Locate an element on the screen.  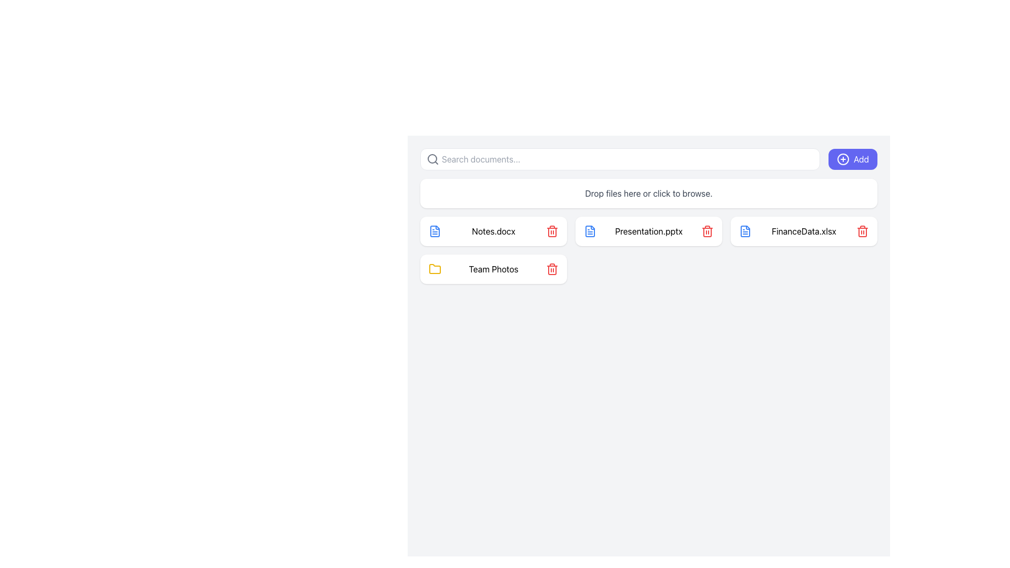
the middle component of the trash can icon, which is styled as an open rectangular shape with rounded corners and filled with red, indicating a deletion action. This icon is located to the right of a file or folder entry in the bottom row of the file list is located at coordinates (552, 232).